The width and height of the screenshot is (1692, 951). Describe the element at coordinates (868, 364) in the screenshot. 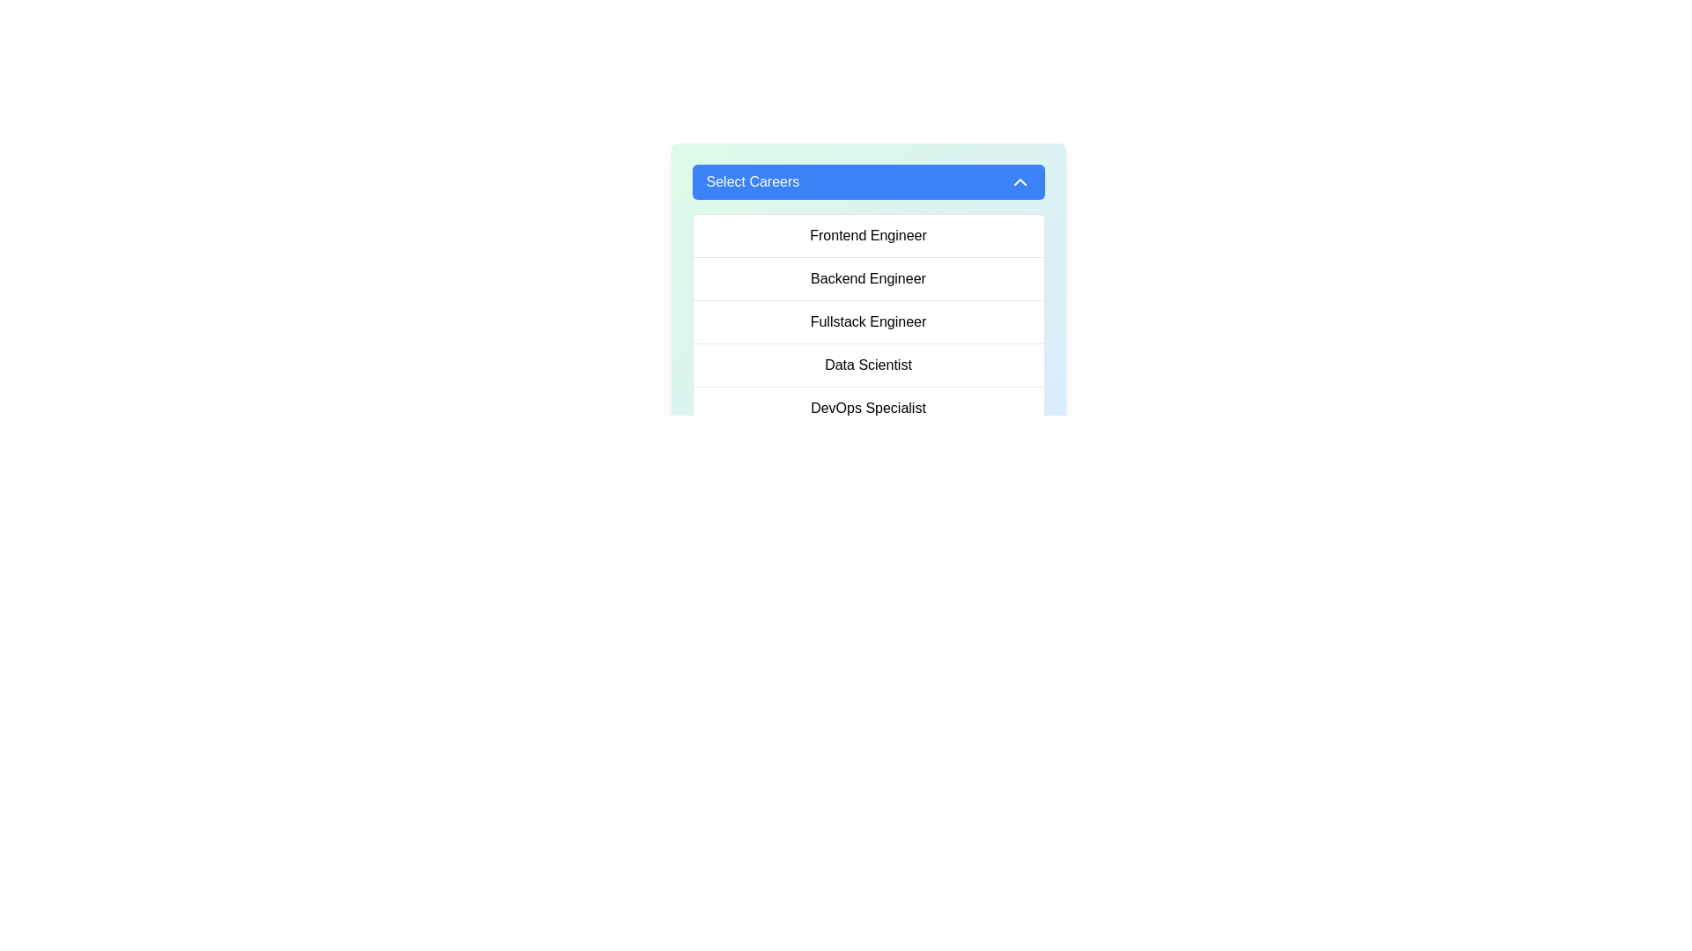

I see `the static text label for the selectable career option located within the dropdown panel labeled 'Select Careers', specifically the fourth item in the list, positioned between 'Fullstack Engineer' and 'DevOps Specialist'` at that location.